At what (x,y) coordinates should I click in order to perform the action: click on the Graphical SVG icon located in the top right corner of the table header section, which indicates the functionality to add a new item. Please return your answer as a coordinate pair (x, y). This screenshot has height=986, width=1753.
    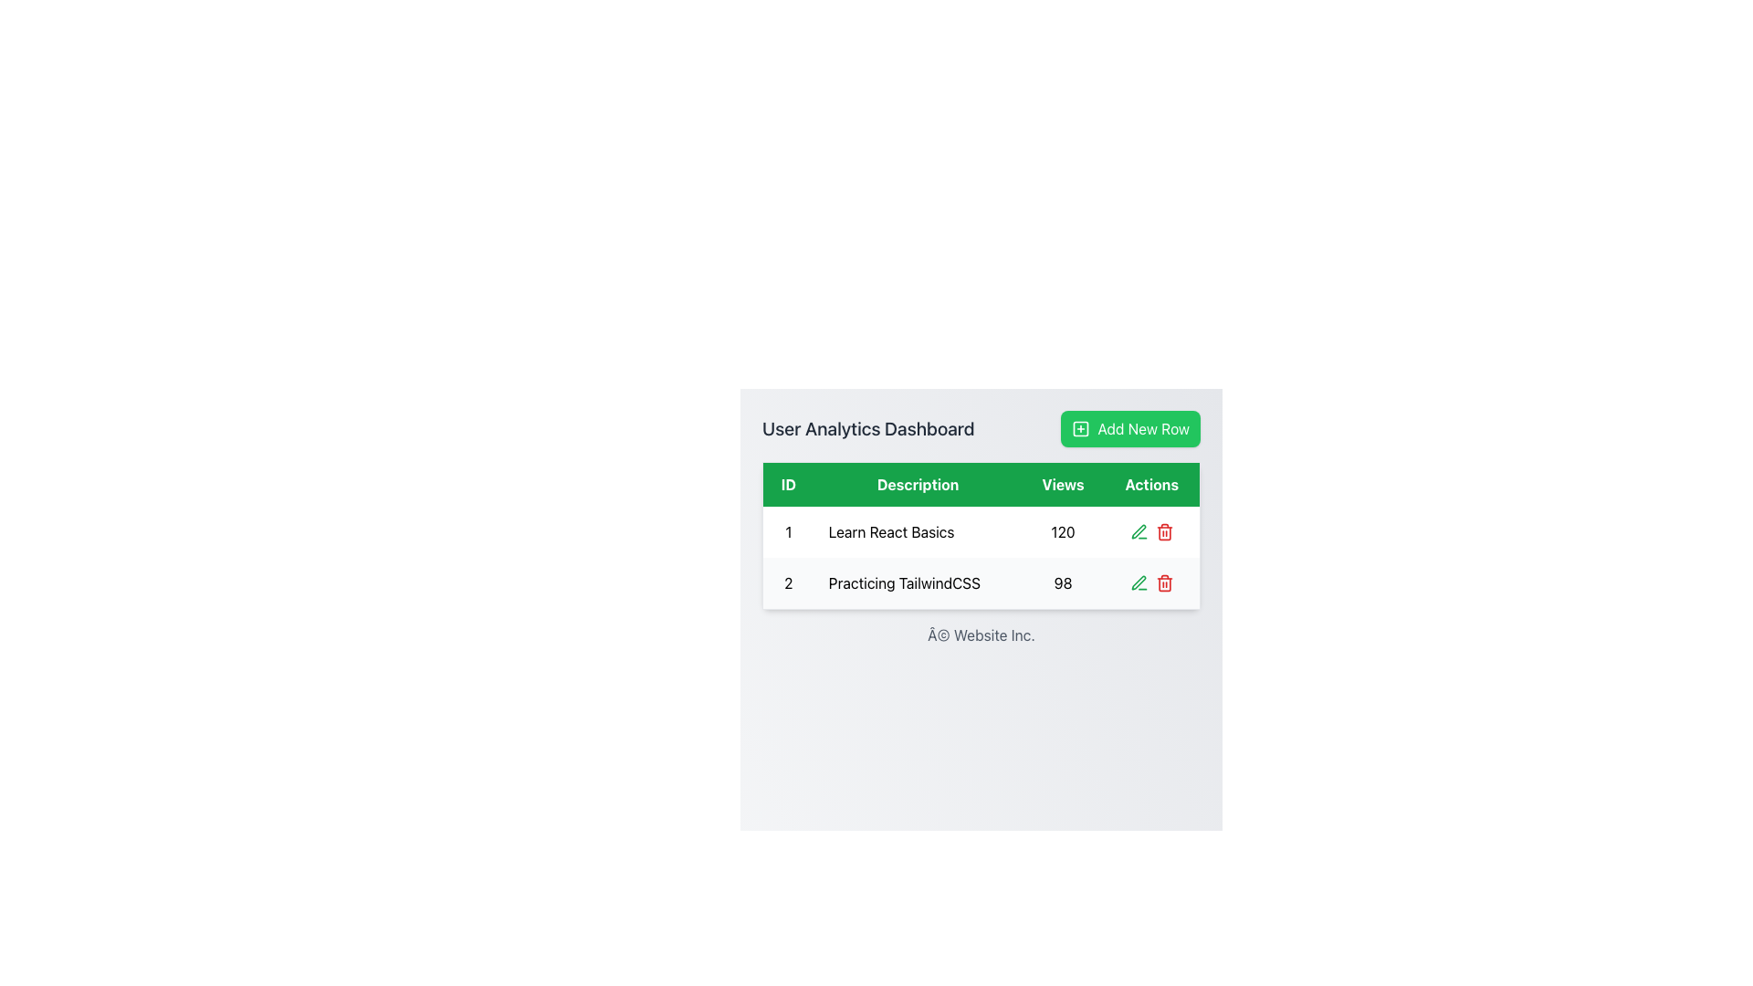
    Looking at the image, I should click on (1081, 429).